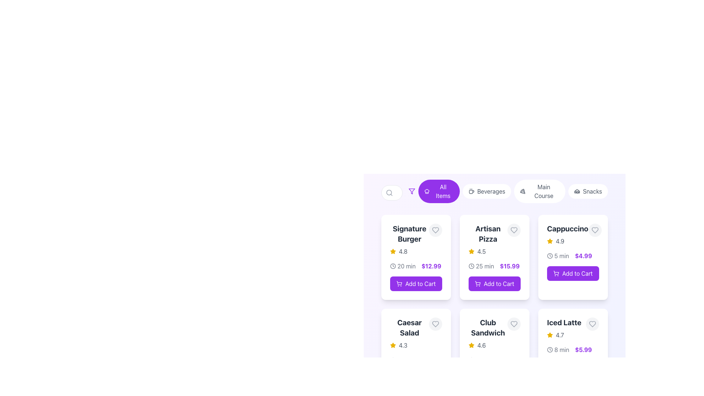  What do you see at coordinates (403, 345) in the screenshot?
I see `text label displaying the rating '4.3' in gray color, which is located next to a star icon in the rating section of the 'Caesar Salad' card` at bounding box center [403, 345].